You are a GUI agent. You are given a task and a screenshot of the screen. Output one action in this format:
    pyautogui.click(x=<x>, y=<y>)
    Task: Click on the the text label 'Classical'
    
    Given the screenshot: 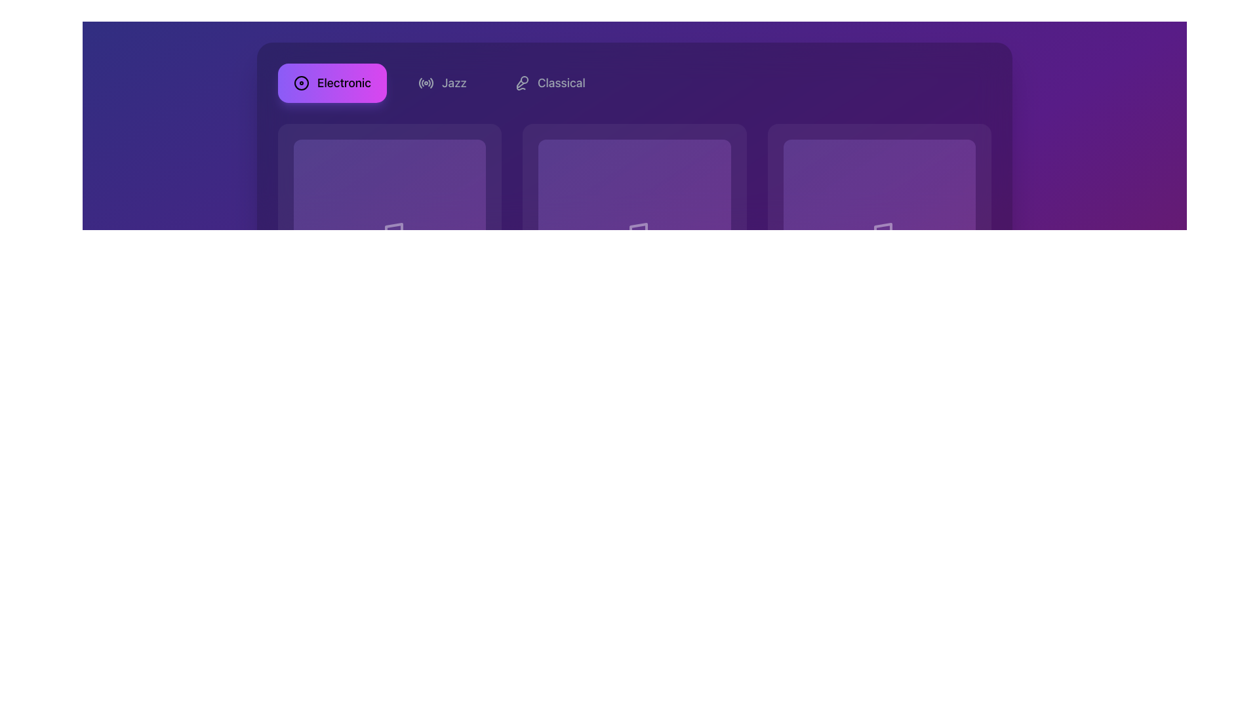 What is the action you would take?
    pyautogui.click(x=561, y=83)
    